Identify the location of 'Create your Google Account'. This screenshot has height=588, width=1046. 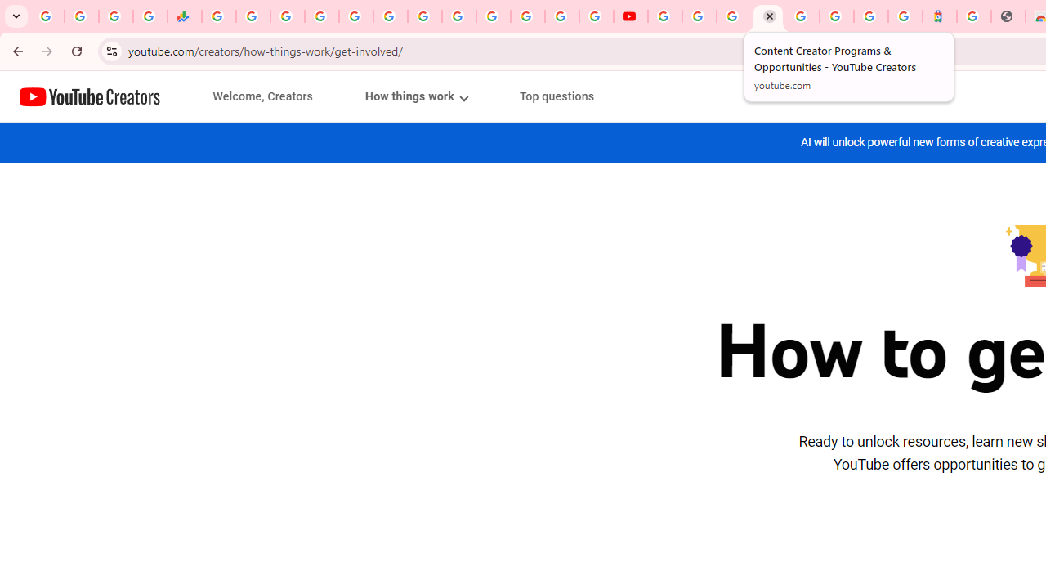
(732, 16).